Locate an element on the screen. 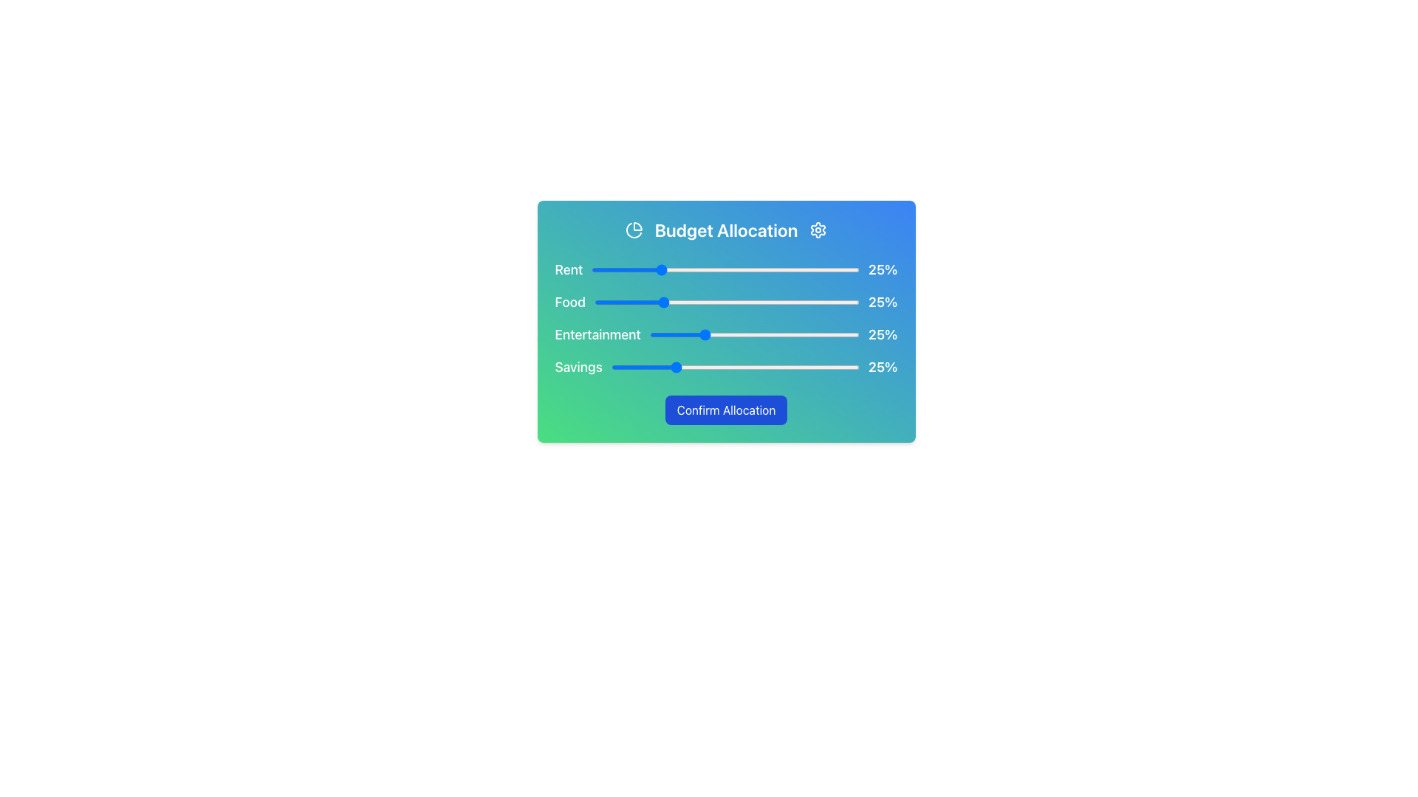 The height and width of the screenshot is (797, 1418). the slider value is located at coordinates (813, 270).